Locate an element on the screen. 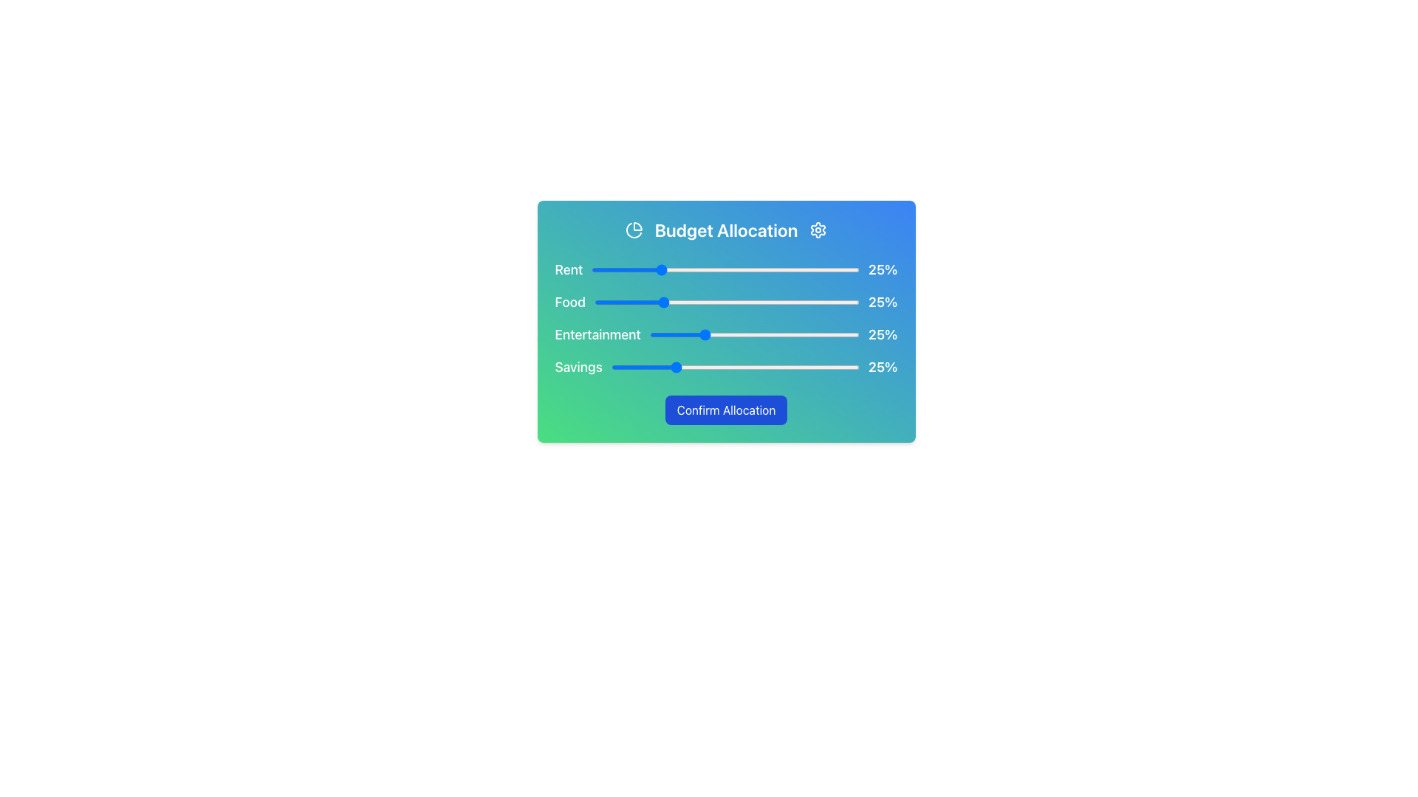 The height and width of the screenshot is (797, 1418). the slider value is located at coordinates (813, 270).